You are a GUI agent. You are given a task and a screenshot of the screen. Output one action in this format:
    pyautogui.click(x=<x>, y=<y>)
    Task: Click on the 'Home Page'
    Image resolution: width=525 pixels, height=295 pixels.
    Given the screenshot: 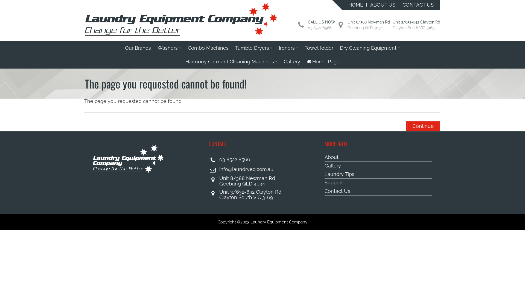 What is the action you would take?
    pyautogui.click(x=323, y=61)
    